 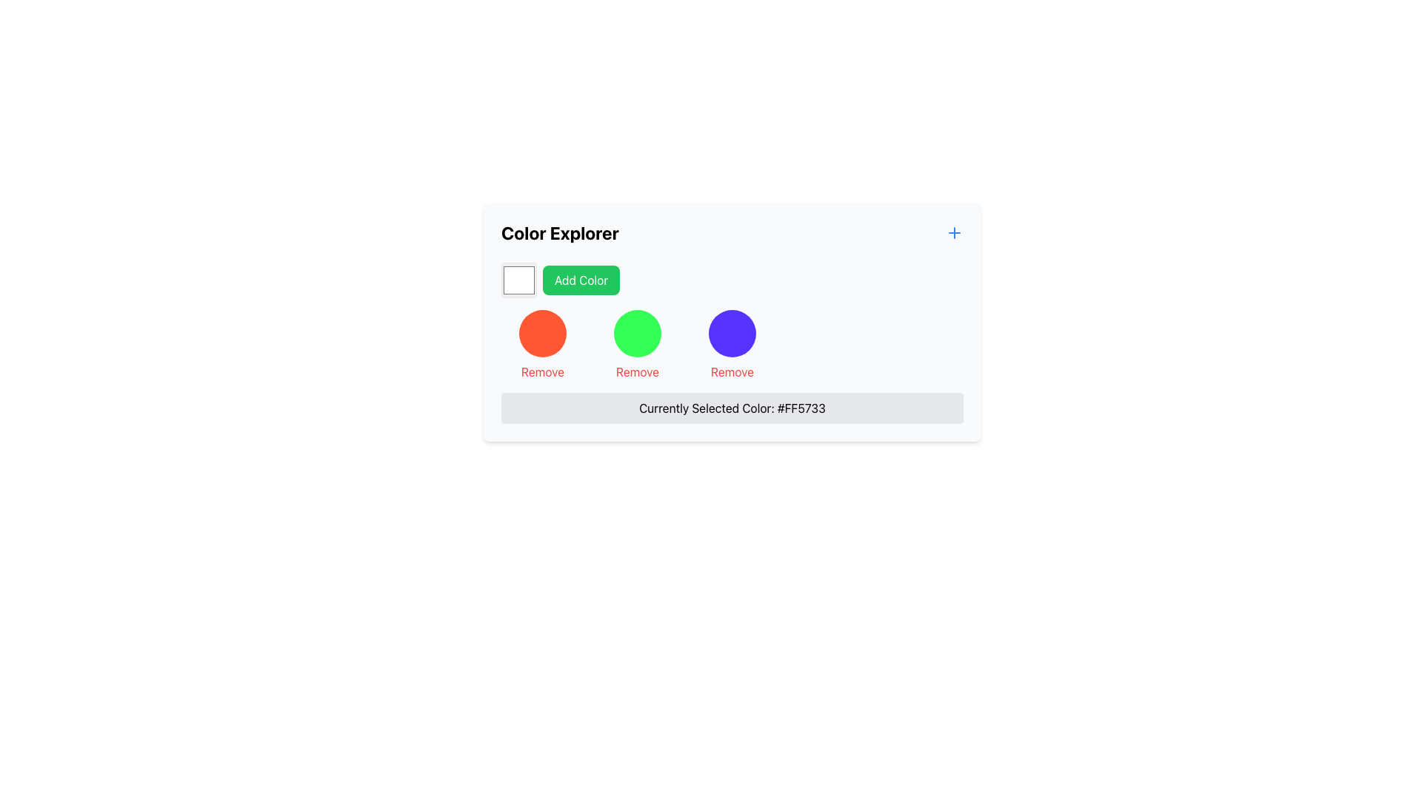 What do you see at coordinates (542, 334) in the screenshot?
I see `the first circular button` at bounding box center [542, 334].